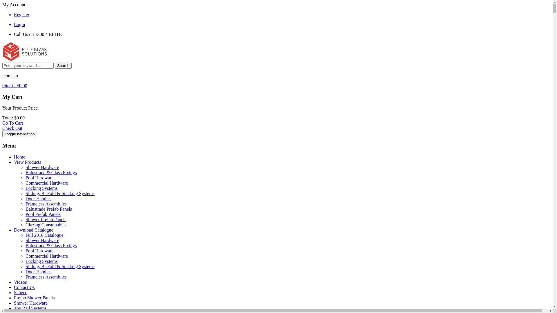  I want to click on 'Toggle navigation', so click(19, 134).